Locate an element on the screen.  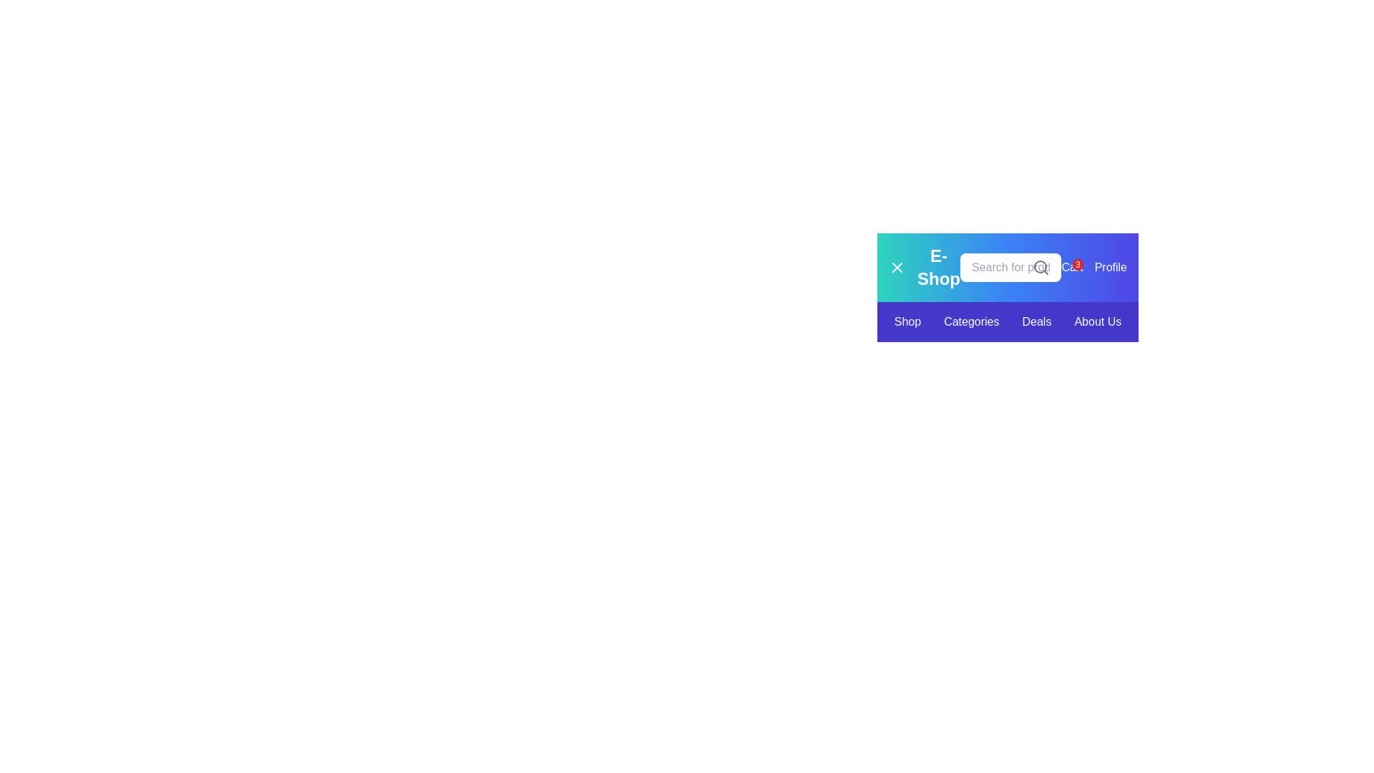
the branded header or logo located in the upper left corner of the horizontal navigation bar, which may also function as a home button is located at coordinates (924, 268).